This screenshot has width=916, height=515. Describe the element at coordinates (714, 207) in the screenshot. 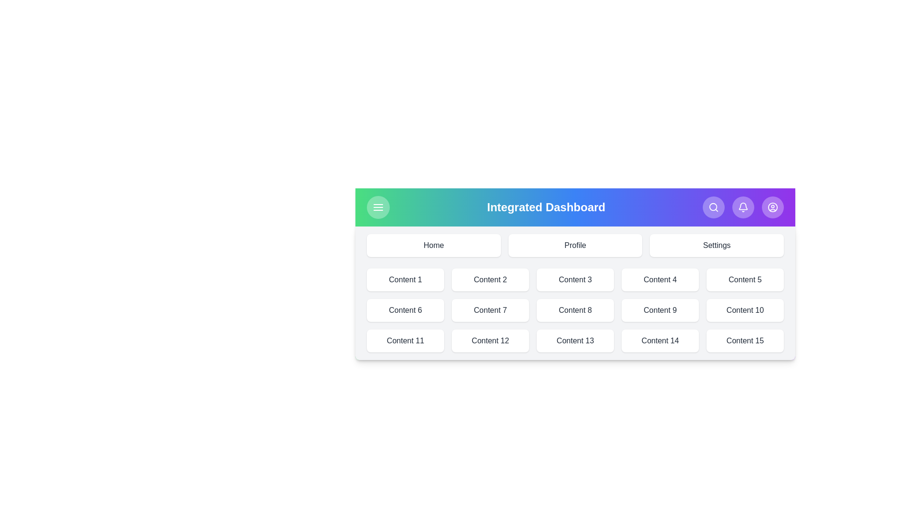

I see `the Search button in the navigation bar` at that location.